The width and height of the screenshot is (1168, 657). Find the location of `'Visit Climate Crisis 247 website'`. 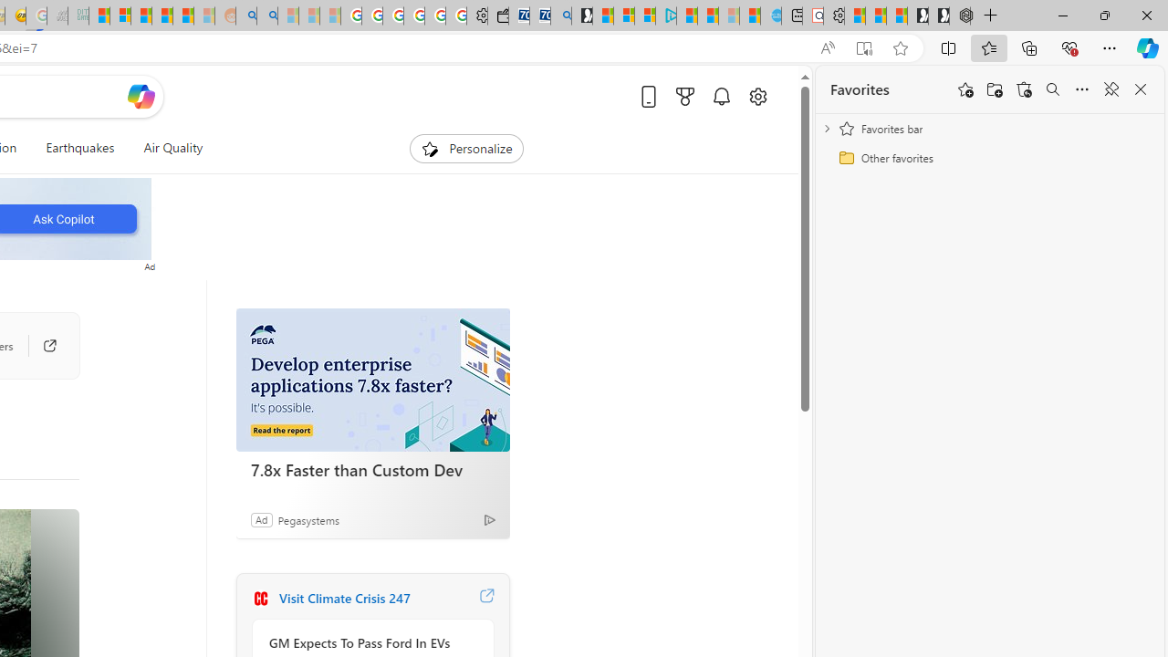

'Visit Climate Crisis 247 website' is located at coordinates (486, 598).